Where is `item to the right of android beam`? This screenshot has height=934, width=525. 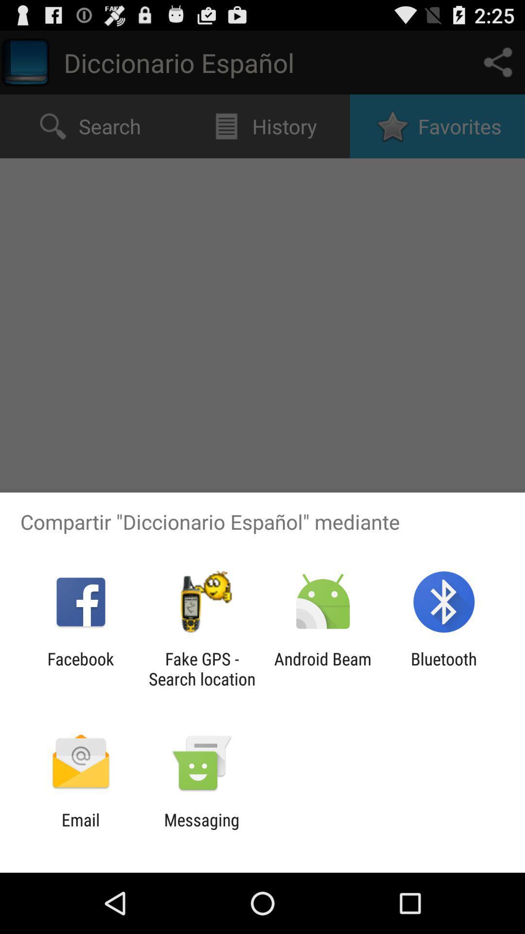 item to the right of android beam is located at coordinates (444, 668).